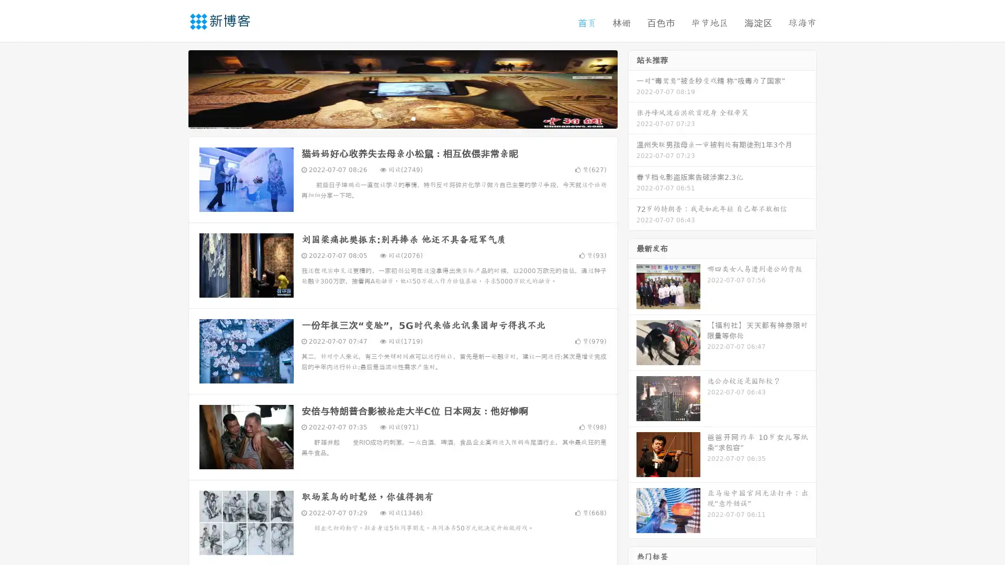 This screenshot has width=1005, height=565. Describe the element at coordinates (173, 88) in the screenshot. I see `Previous slide` at that location.